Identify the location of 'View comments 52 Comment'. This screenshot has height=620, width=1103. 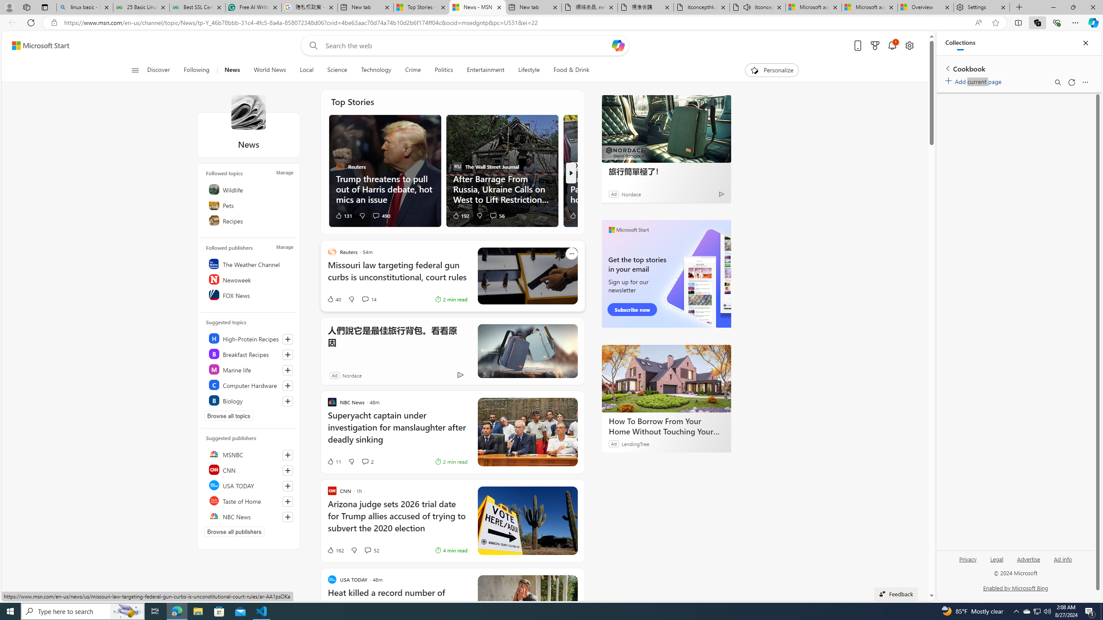
(371, 550).